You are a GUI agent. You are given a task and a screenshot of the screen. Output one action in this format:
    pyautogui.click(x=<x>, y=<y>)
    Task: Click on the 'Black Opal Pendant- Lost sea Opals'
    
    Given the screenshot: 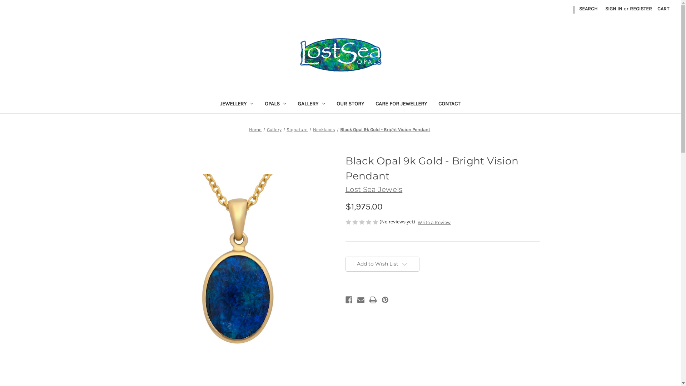 What is the action you would take?
    pyautogui.click(x=238, y=263)
    